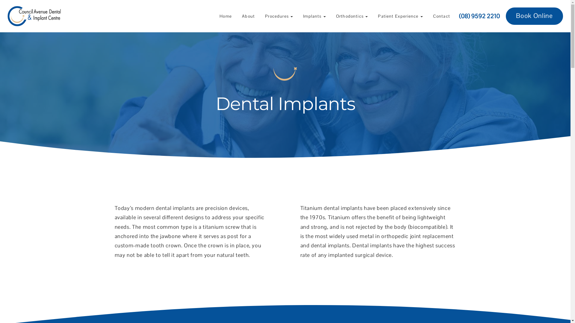 Image resolution: width=575 pixels, height=323 pixels. I want to click on 'Orthodontics', so click(352, 16).